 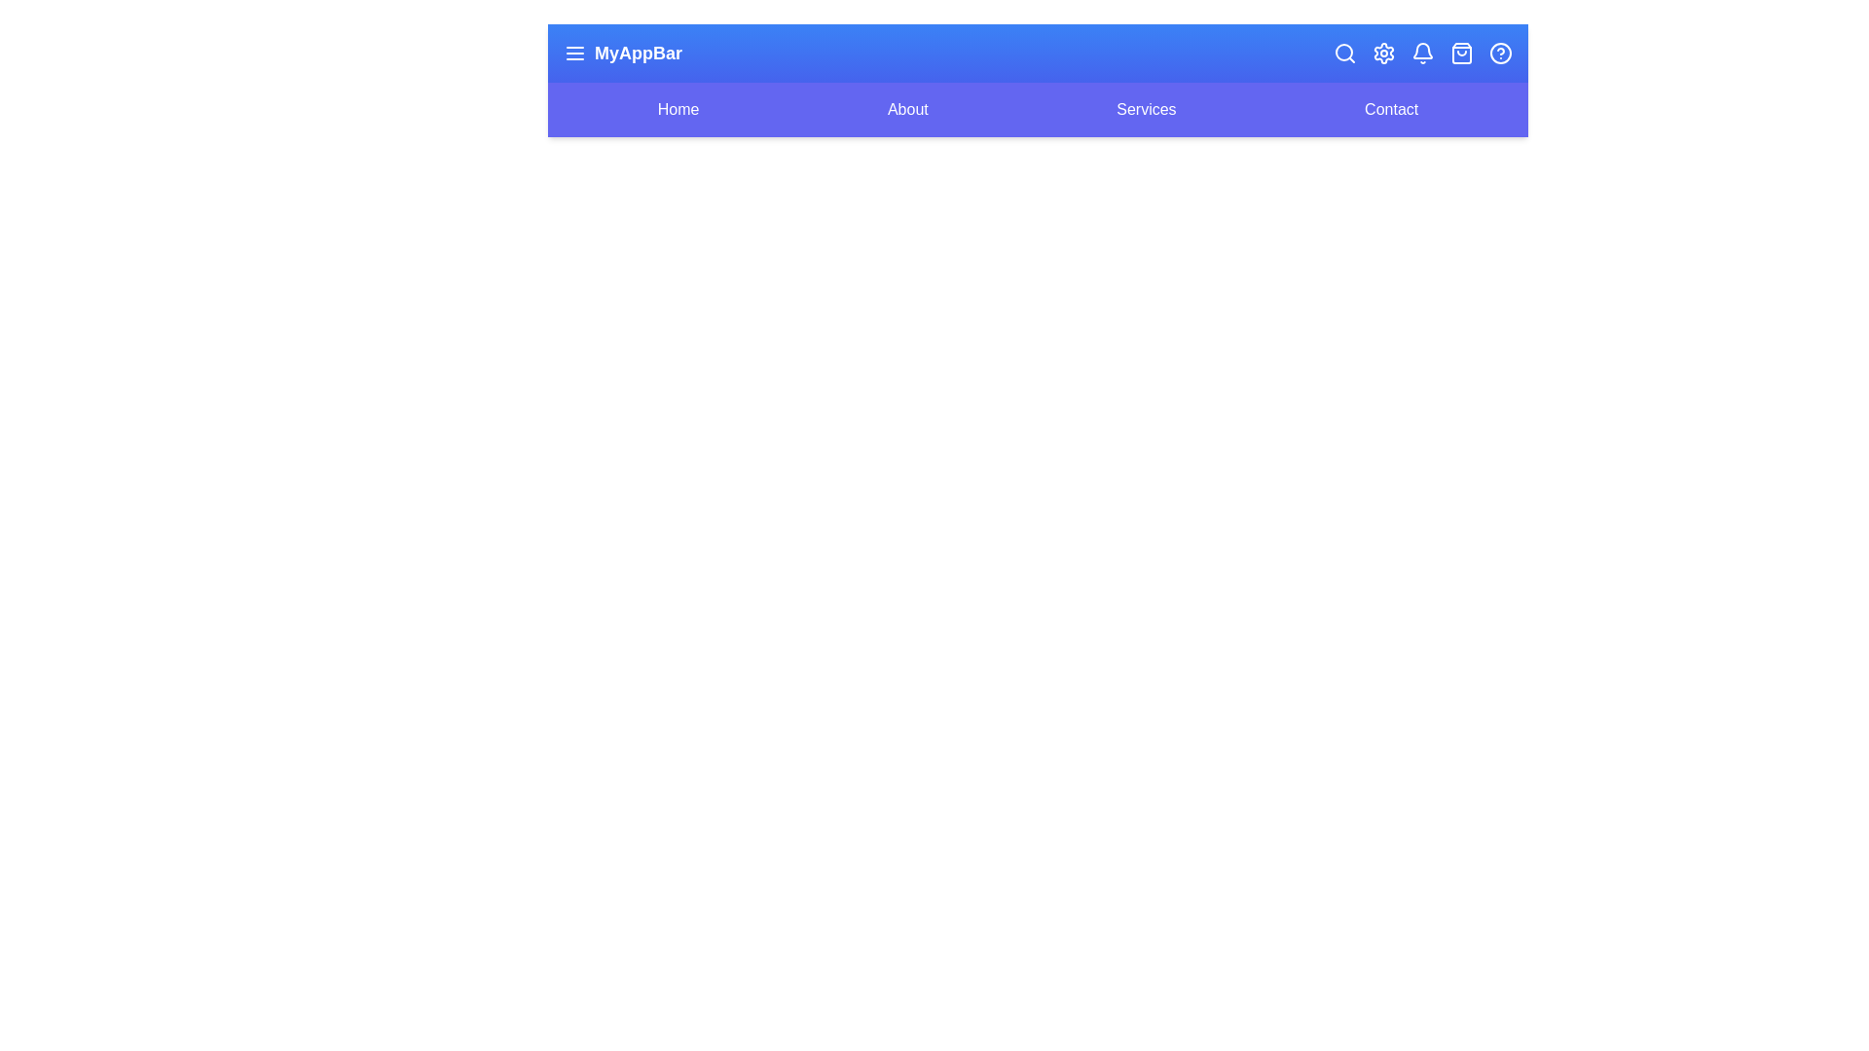 What do you see at coordinates (573, 52) in the screenshot?
I see `the menu button to toggle the menu visibility` at bounding box center [573, 52].